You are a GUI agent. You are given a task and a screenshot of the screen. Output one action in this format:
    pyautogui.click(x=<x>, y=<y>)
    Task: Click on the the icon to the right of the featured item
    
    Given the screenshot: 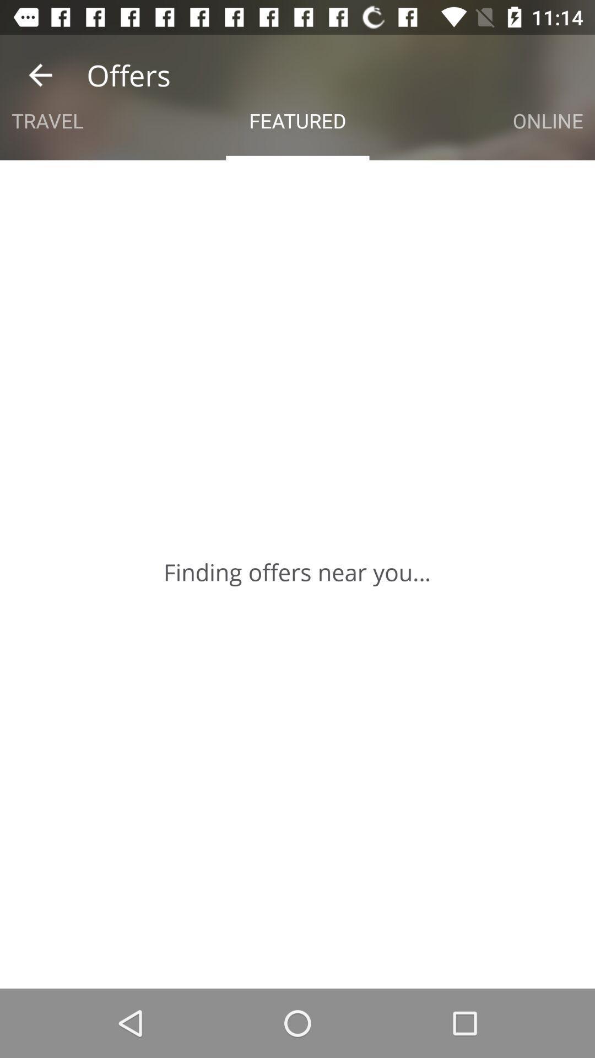 What is the action you would take?
    pyautogui.click(x=548, y=121)
    